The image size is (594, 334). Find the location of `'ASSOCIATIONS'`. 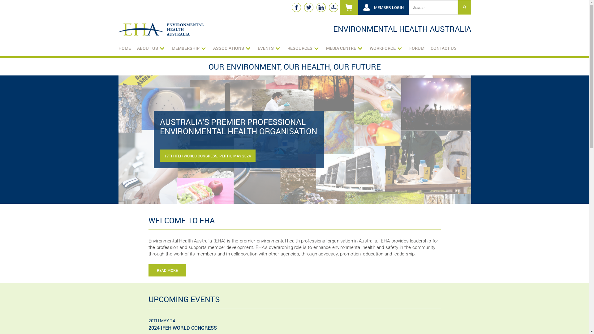

'ASSOCIATIONS' is located at coordinates (213, 48).